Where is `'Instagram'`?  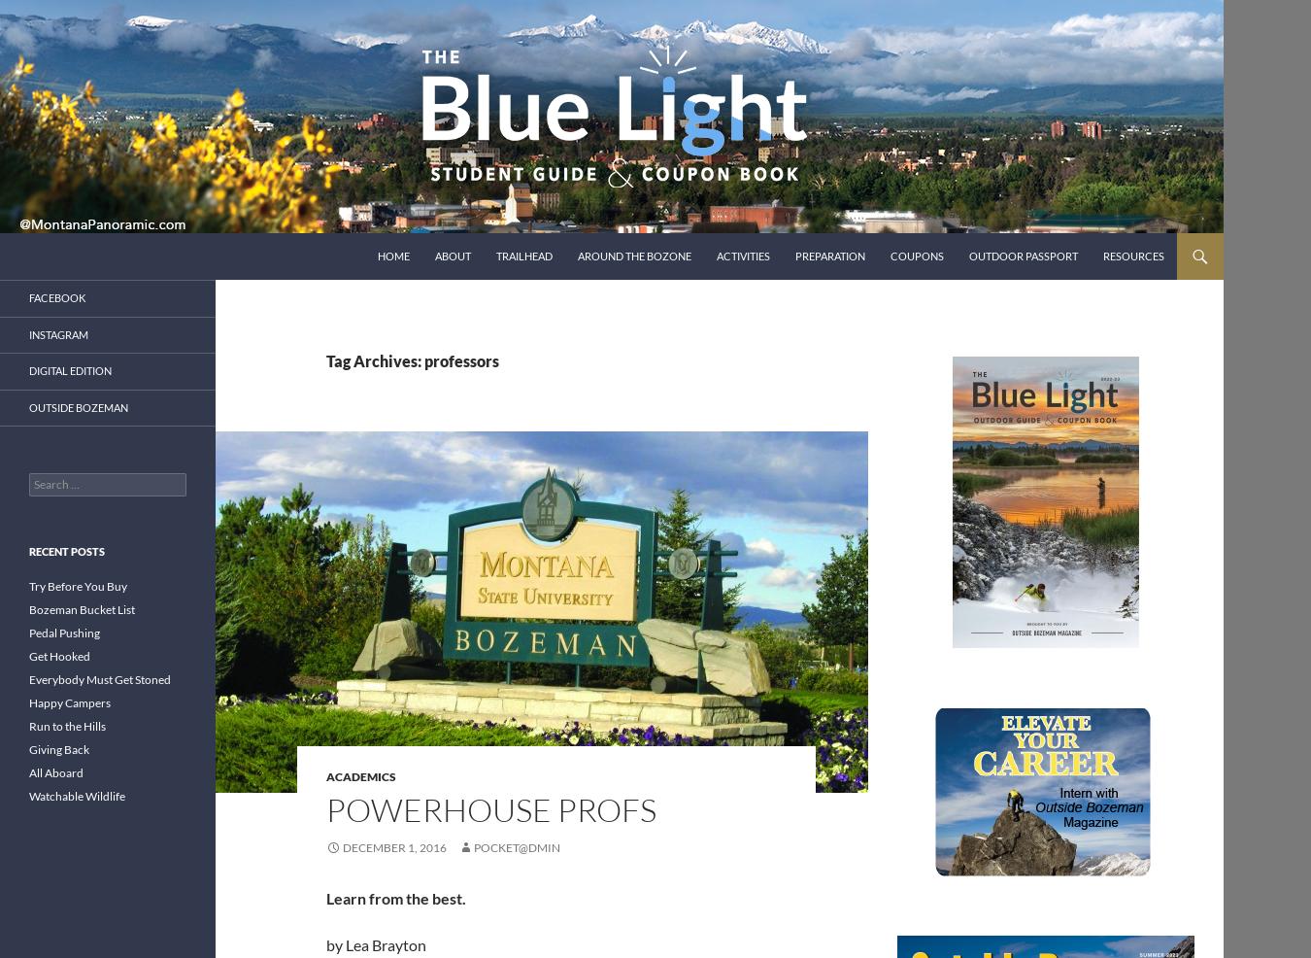
'Instagram' is located at coordinates (57, 332).